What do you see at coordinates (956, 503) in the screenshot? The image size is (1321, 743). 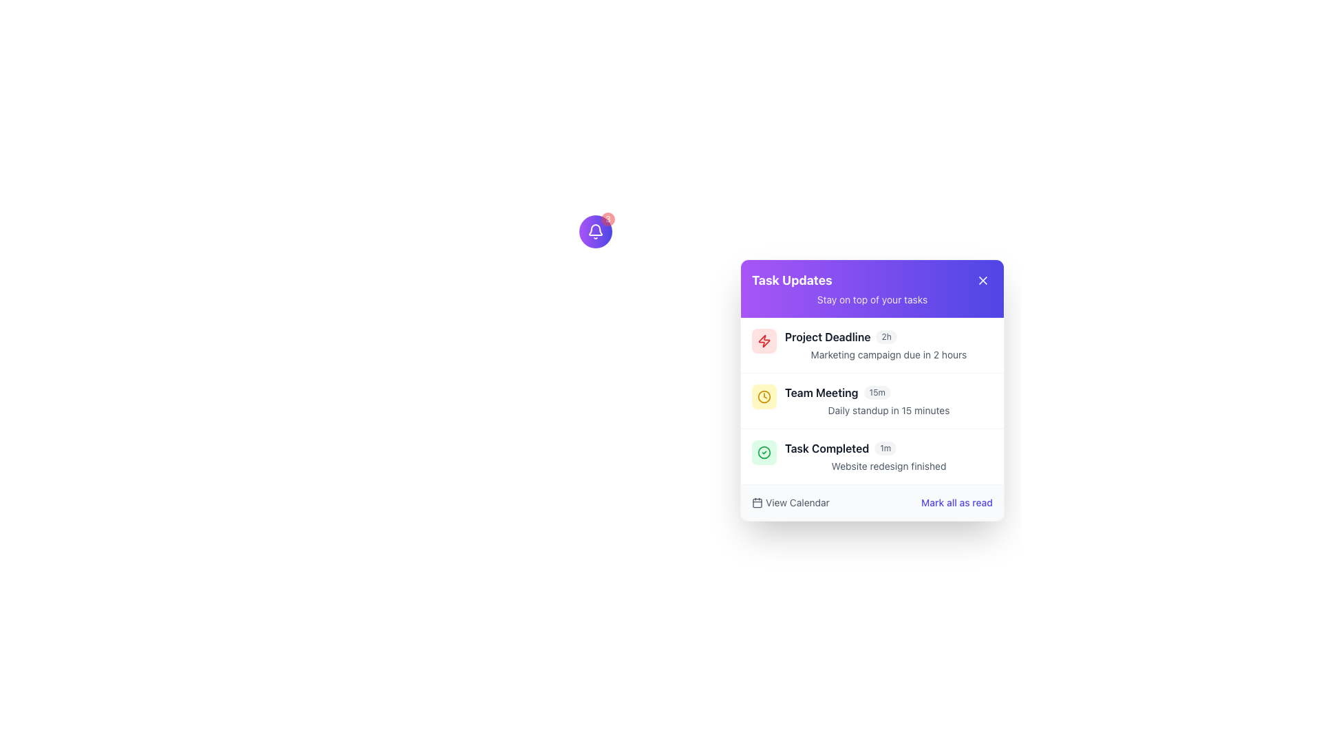 I see `the interactive textual link 'Mark all as read' located at the bottom-right corner of the 'Task Updates' notification panel to mark all notifications as read` at bounding box center [956, 503].